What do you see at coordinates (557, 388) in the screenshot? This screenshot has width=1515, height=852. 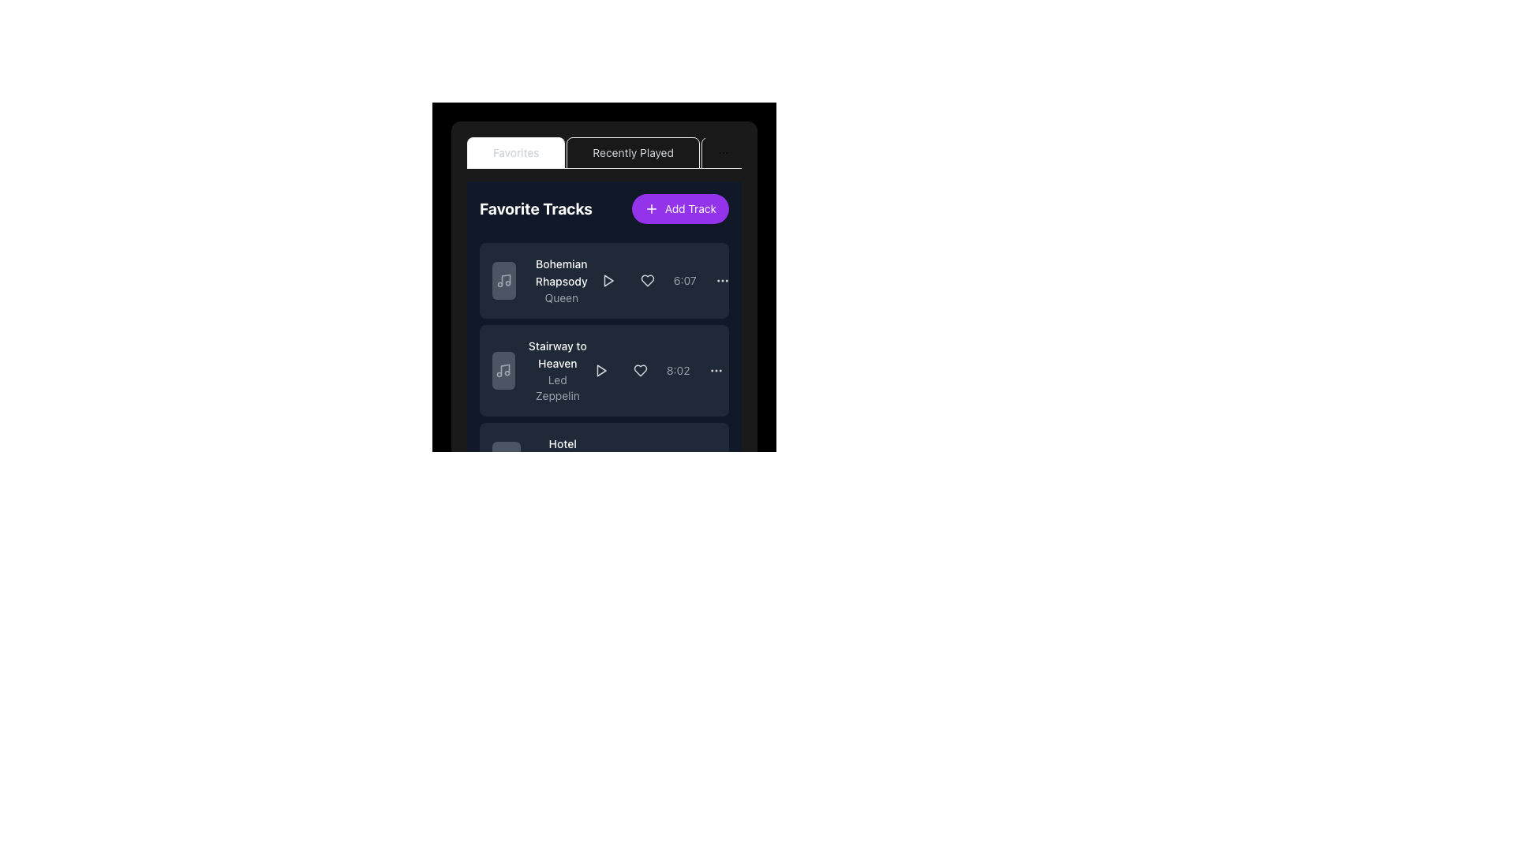 I see `the text label displaying 'Led Zeppelin' in gray color, which is located beneath the track title of the 'Stairway to Heaven' track card` at bounding box center [557, 388].